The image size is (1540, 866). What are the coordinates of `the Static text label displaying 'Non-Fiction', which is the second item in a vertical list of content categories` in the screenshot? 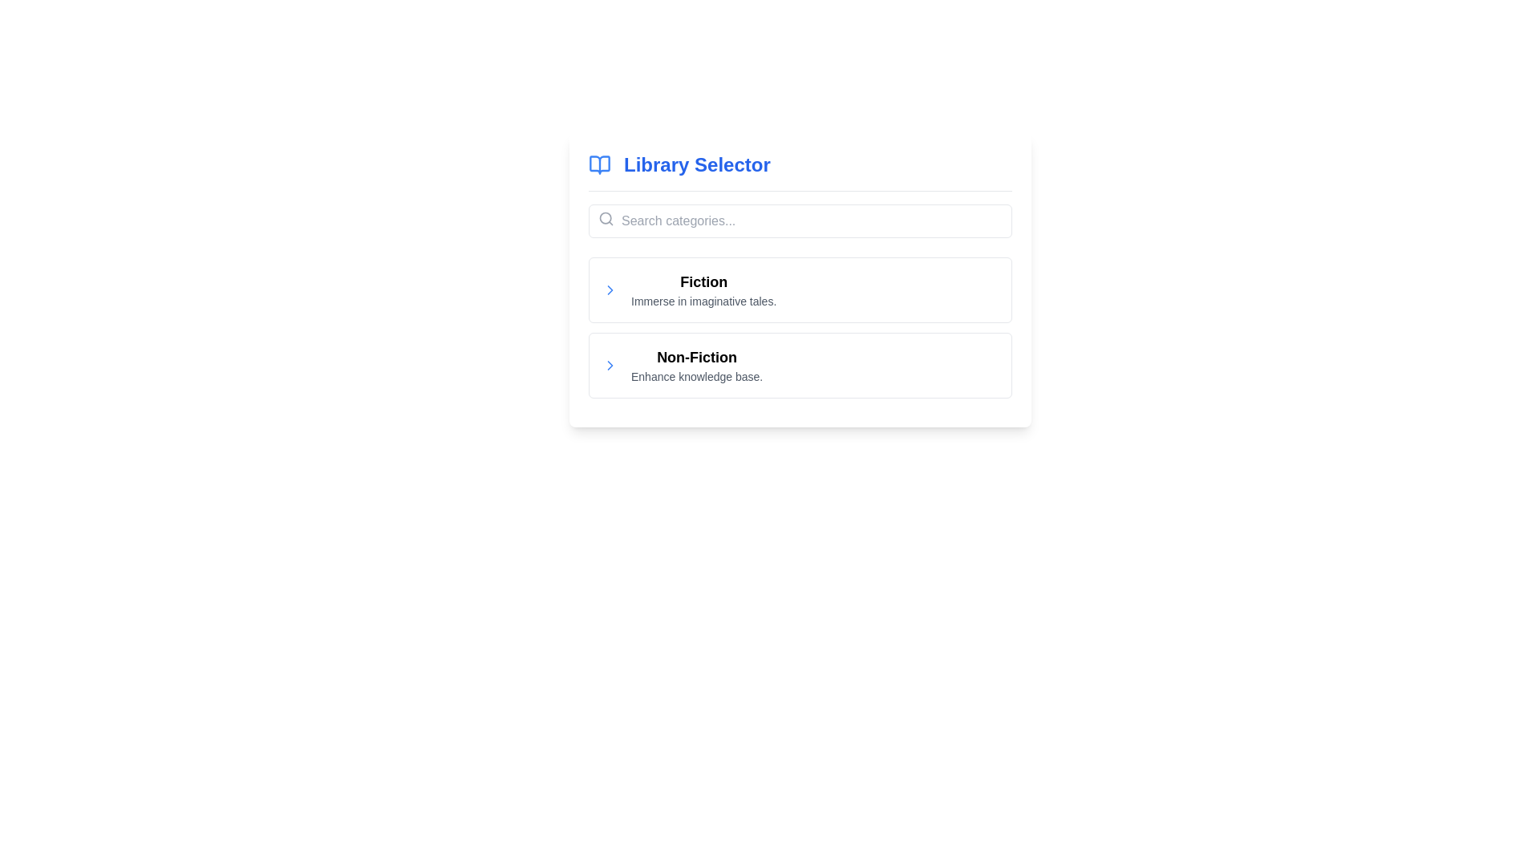 It's located at (697, 357).